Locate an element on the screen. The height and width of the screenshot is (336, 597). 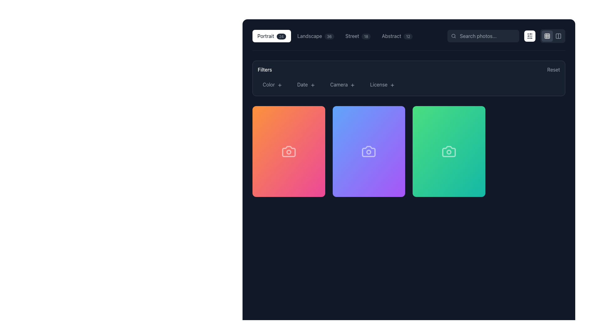
the decorative element located at the top of the rightmost green card, which features a gradient green background and has no interactive features is located at coordinates (449, 116).